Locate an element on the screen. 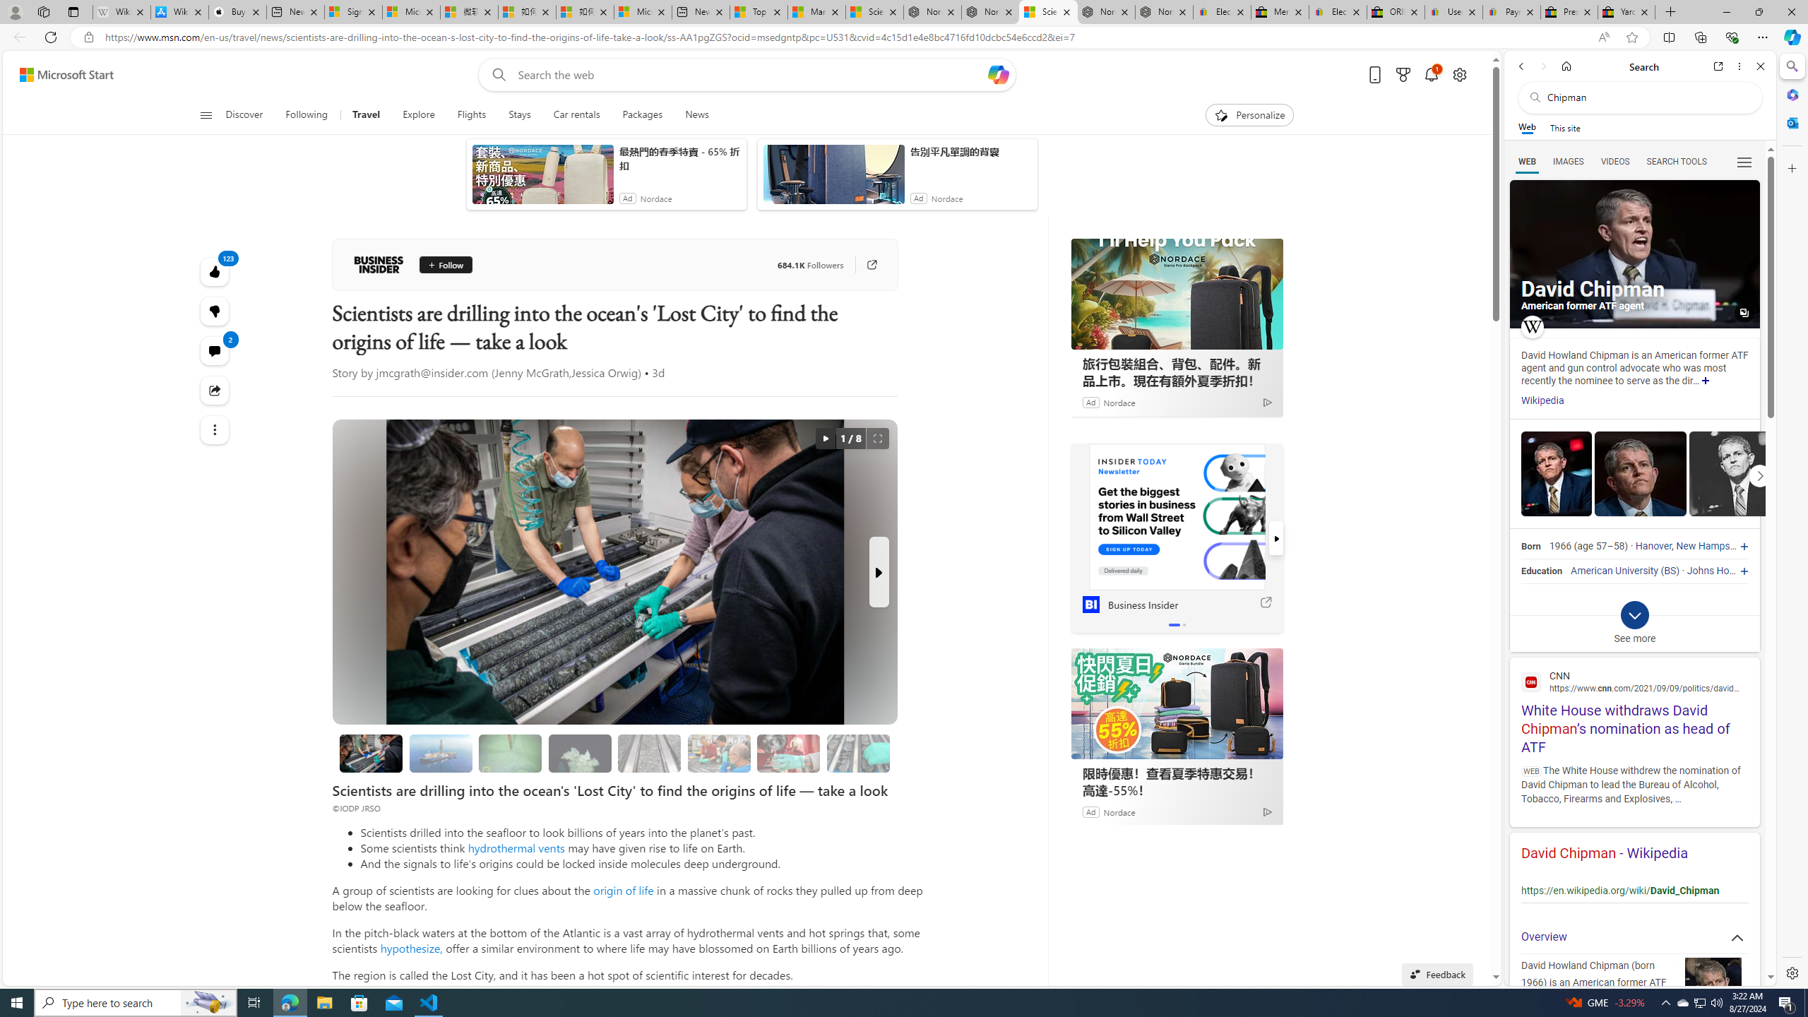 The image size is (1808, 1017). 'Education' is located at coordinates (1540, 571).